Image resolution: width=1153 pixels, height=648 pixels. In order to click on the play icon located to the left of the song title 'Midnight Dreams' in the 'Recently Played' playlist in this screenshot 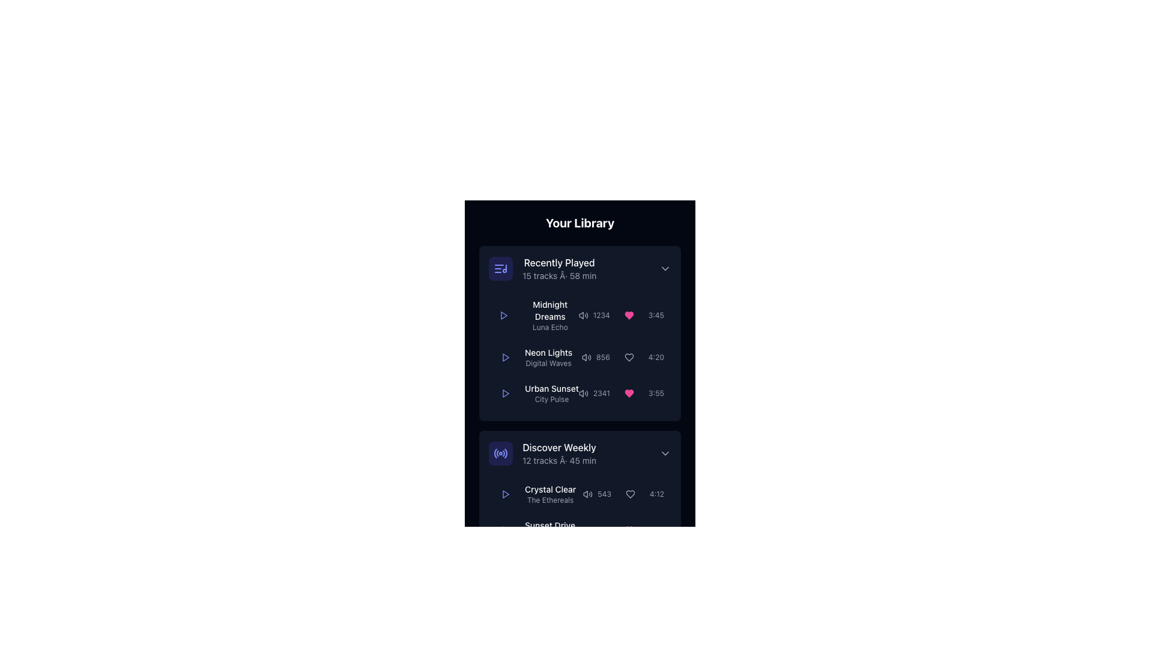, I will do `click(536, 314)`.